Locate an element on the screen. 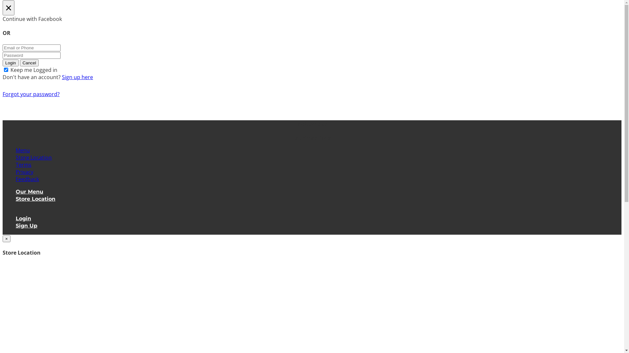 The image size is (629, 353). 'Feedback' is located at coordinates (27, 179).